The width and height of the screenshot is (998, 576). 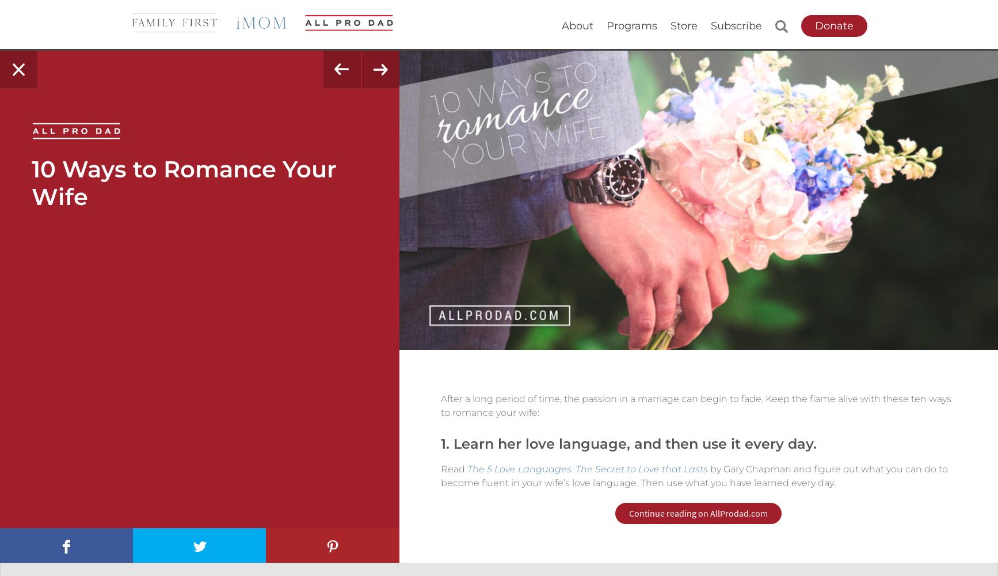 What do you see at coordinates (440, 468) in the screenshot?
I see `'Read'` at bounding box center [440, 468].